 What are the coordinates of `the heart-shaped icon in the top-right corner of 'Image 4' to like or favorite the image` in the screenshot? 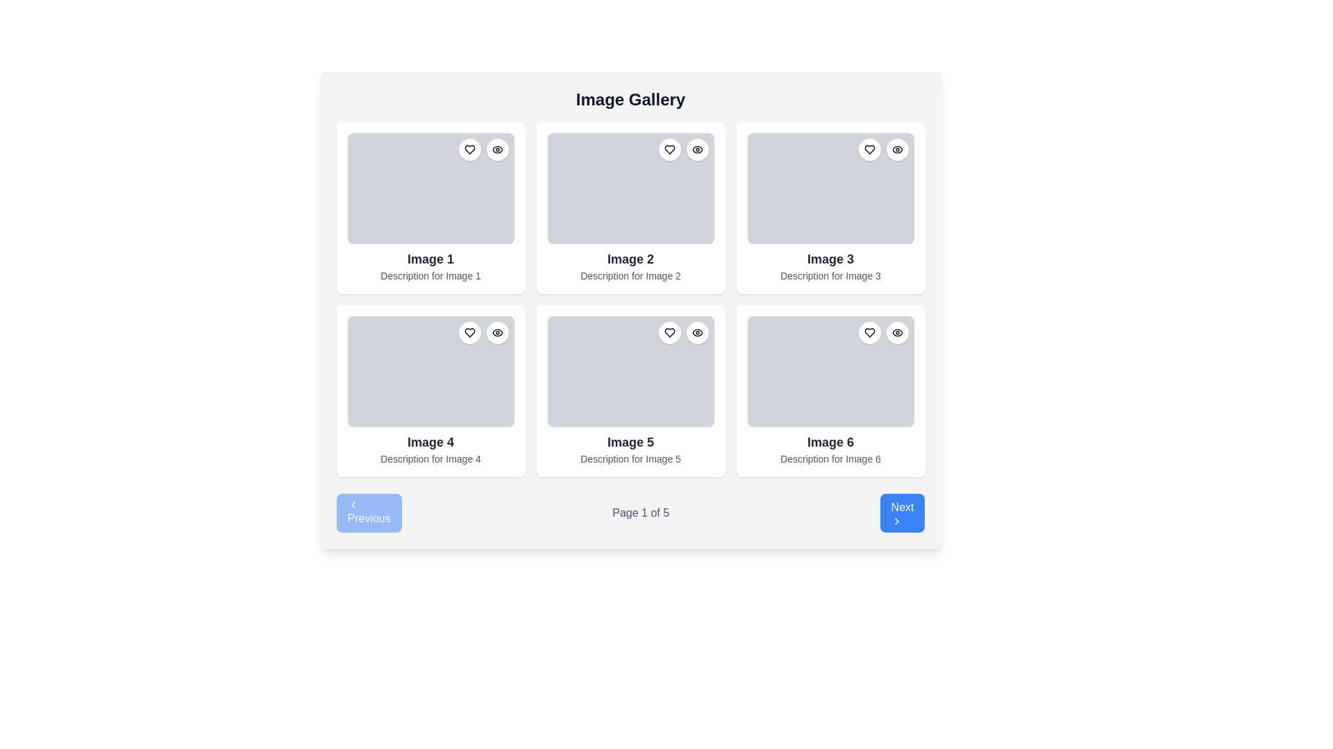 It's located at (469, 332).